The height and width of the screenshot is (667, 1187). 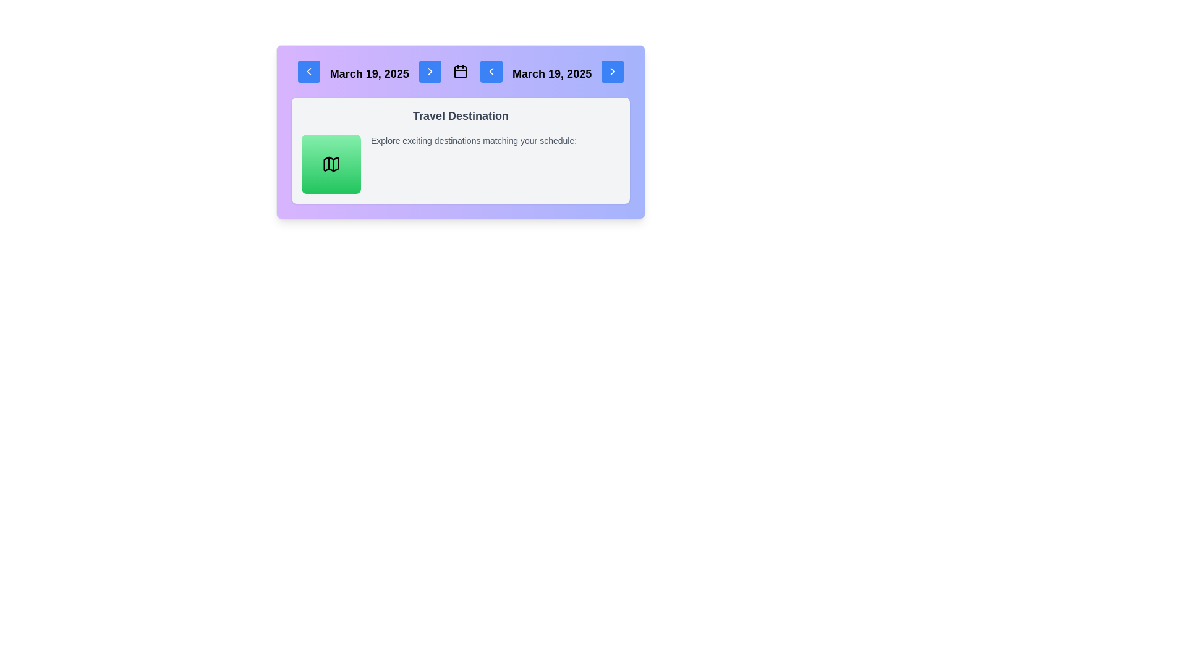 What do you see at coordinates (613, 71) in the screenshot?
I see `the blue button with rounded edges that contains a right-facing chevron icon, located` at bounding box center [613, 71].